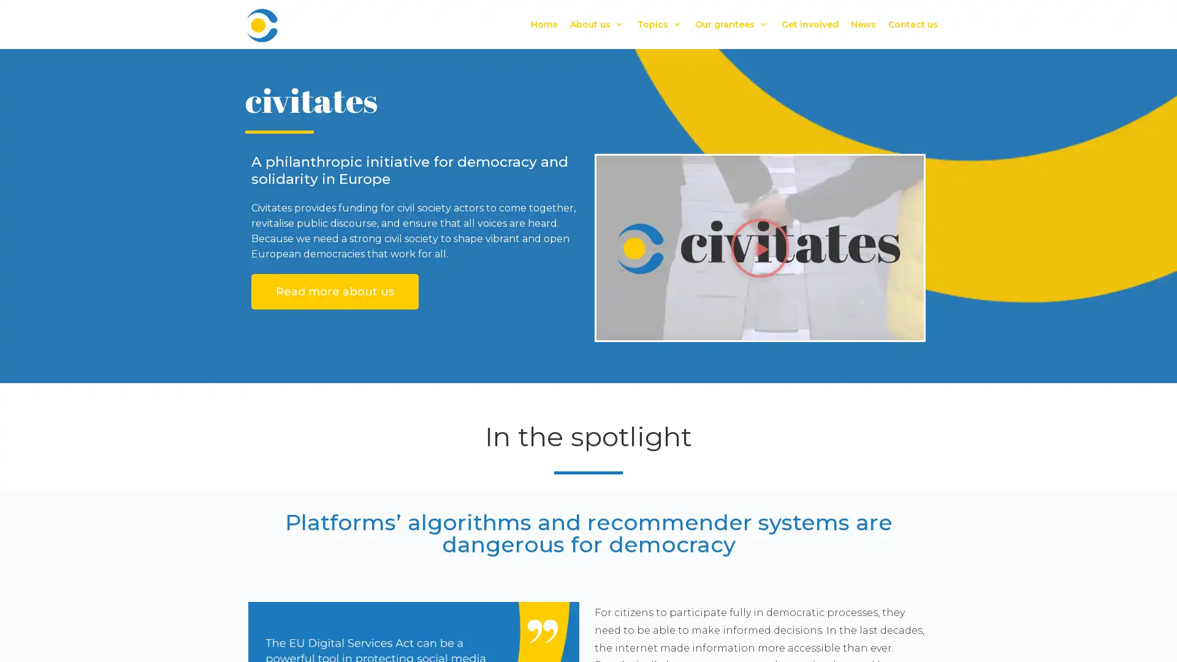 The width and height of the screenshot is (1177, 662). Describe the element at coordinates (759, 248) in the screenshot. I see `Play Video` at that location.